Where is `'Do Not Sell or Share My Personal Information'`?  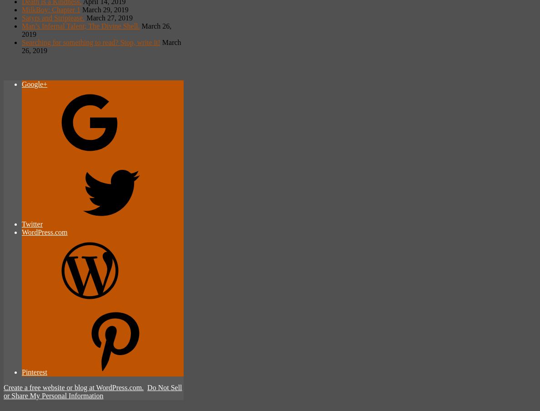
'Do Not Sell or Share My Personal Information' is located at coordinates (92, 391).